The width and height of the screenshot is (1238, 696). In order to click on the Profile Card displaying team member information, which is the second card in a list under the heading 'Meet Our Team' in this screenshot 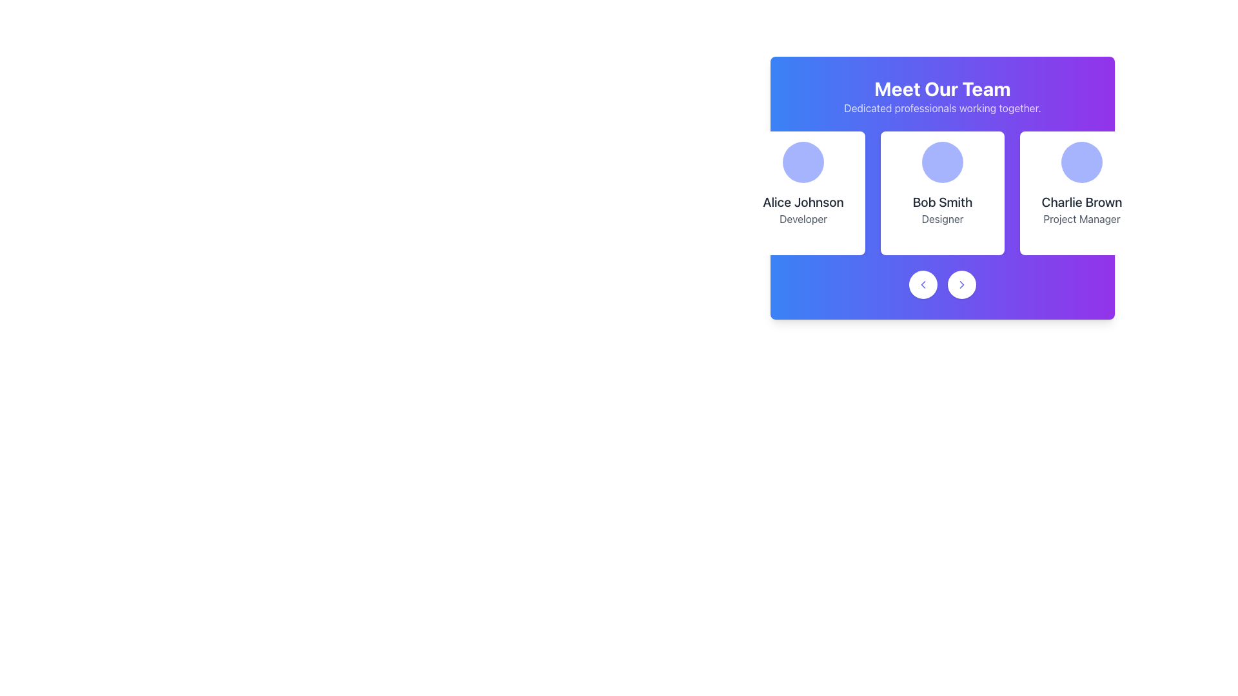, I will do `click(943, 193)`.